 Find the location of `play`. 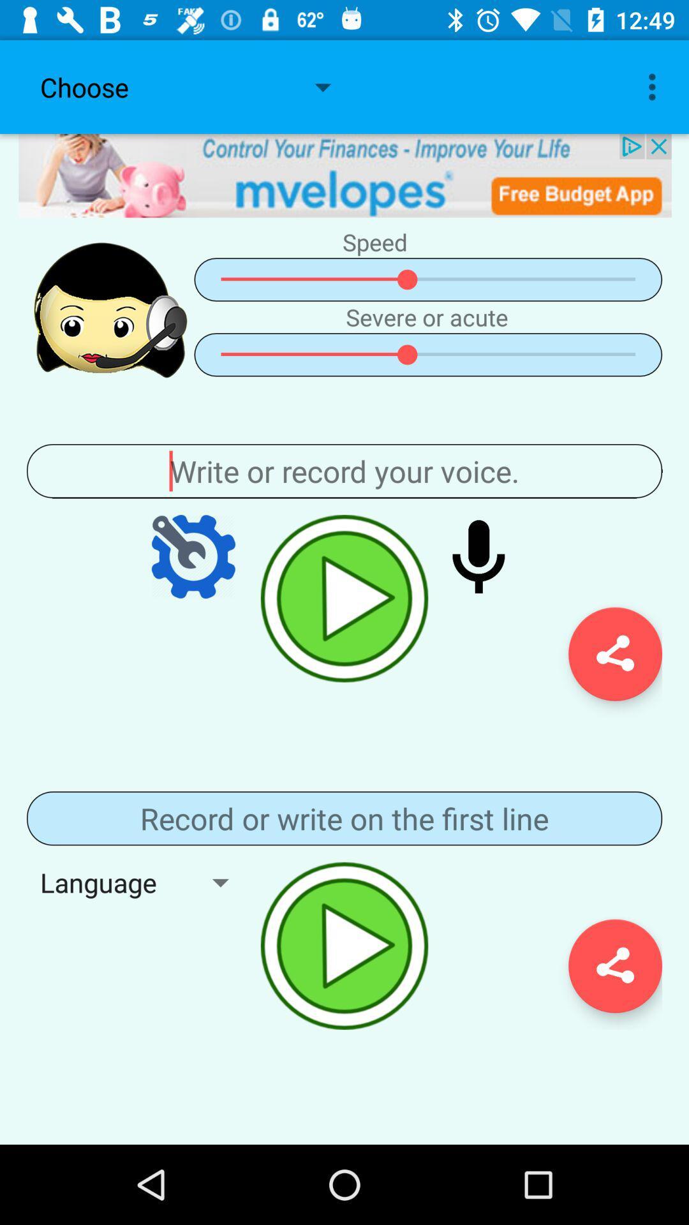

play is located at coordinates (344, 598).